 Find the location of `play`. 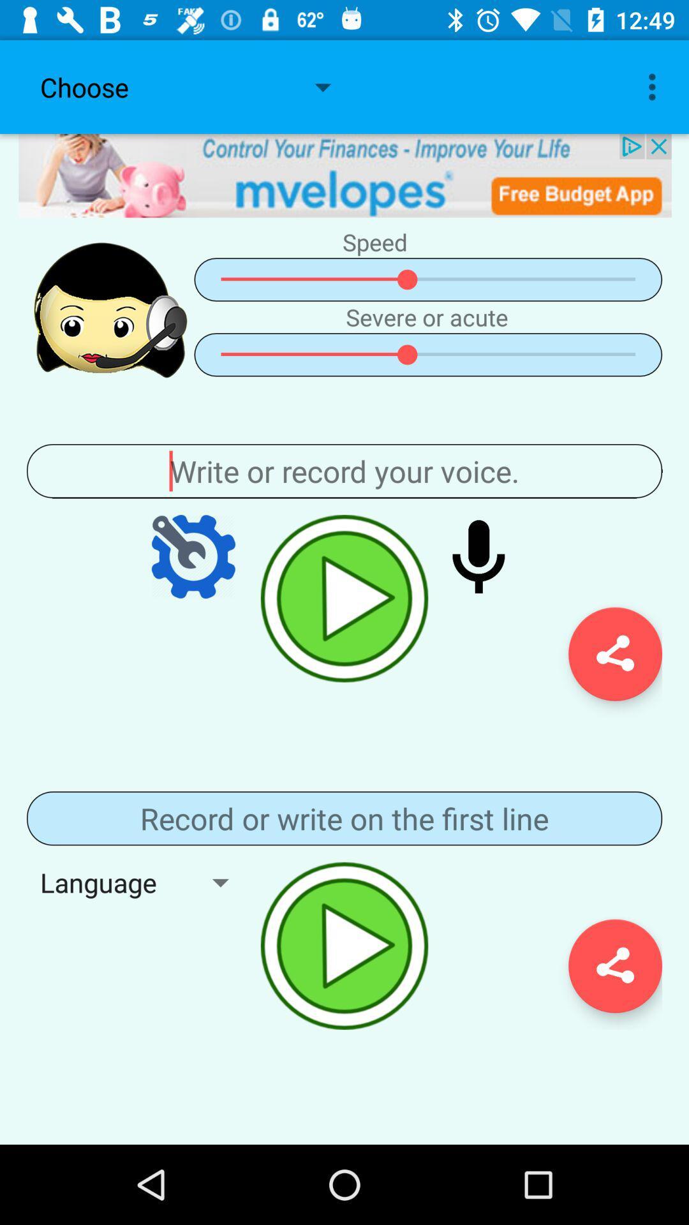

play is located at coordinates (344, 598).